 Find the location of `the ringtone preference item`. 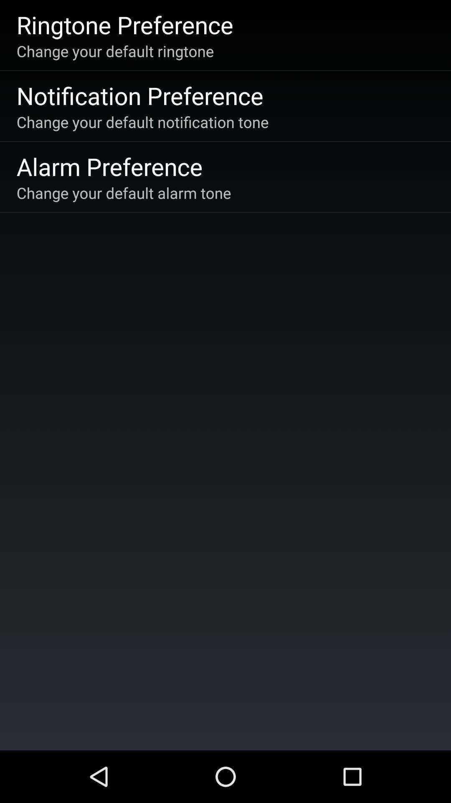

the ringtone preference item is located at coordinates (125, 24).